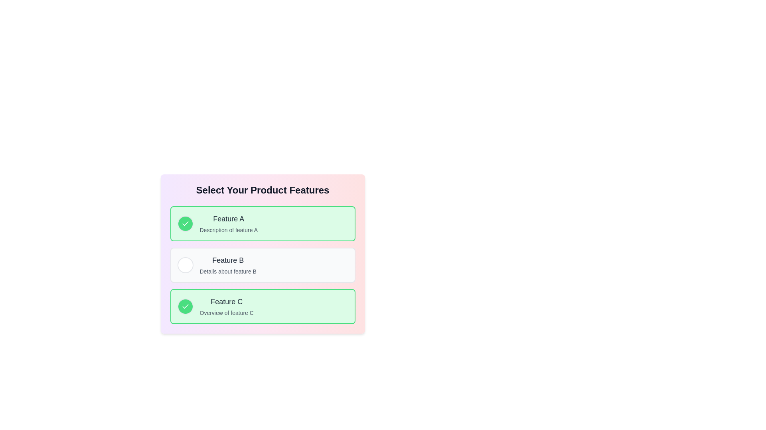 This screenshot has height=430, width=766. What do you see at coordinates (185, 306) in the screenshot?
I see `the Selection indicator, a circular button with a green background and a white checkmark, located within the third feature card ('Feature C')` at bounding box center [185, 306].